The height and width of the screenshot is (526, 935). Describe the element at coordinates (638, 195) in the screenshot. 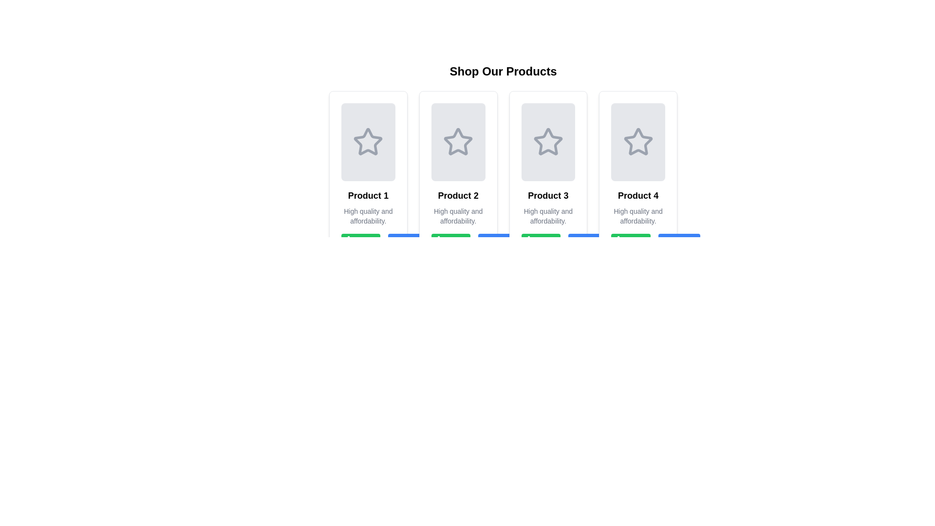

I see `the Text label that serves as the title or identifier for 'Product 4', located in the fourth product card from the left, above the subtitle 'High quality and affordability.'` at that location.